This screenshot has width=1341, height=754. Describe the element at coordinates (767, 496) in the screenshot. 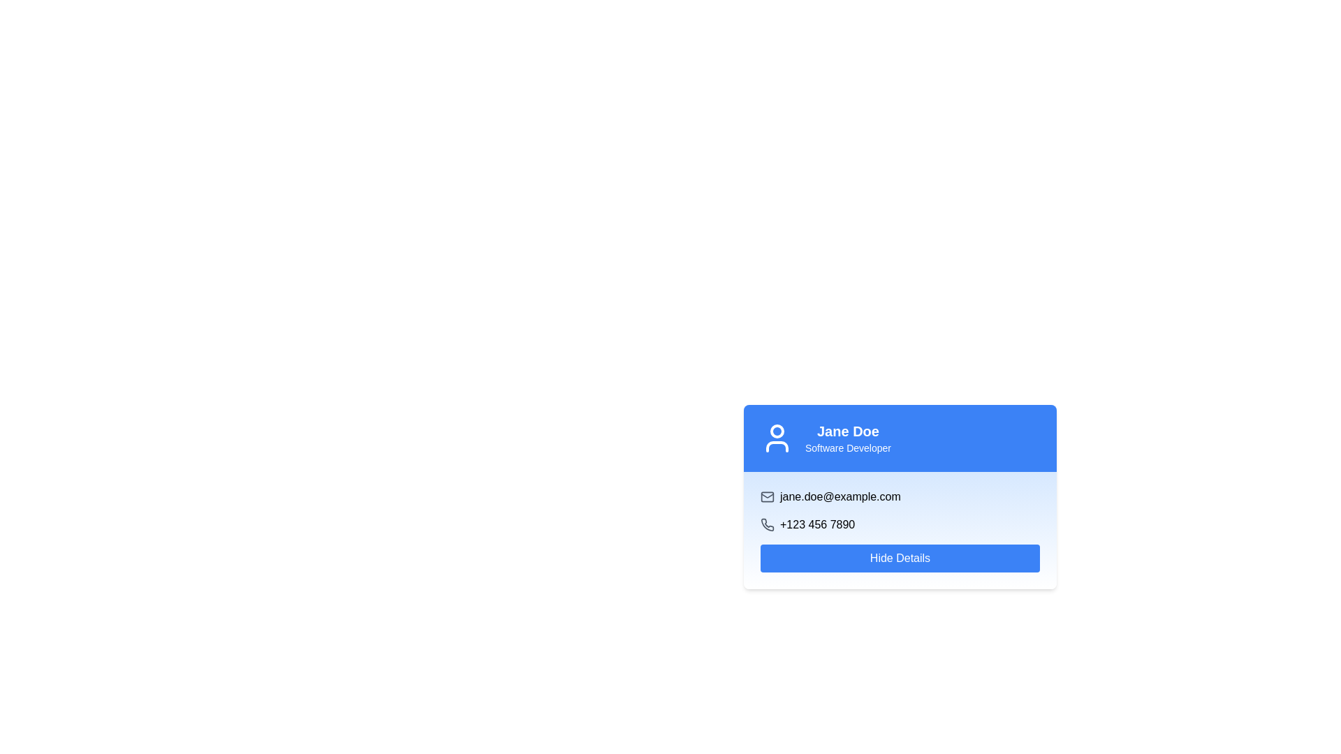

I see `the small envelope icon representing an email, located to the left of the email text 'jane.doe@example.com'` at that location.